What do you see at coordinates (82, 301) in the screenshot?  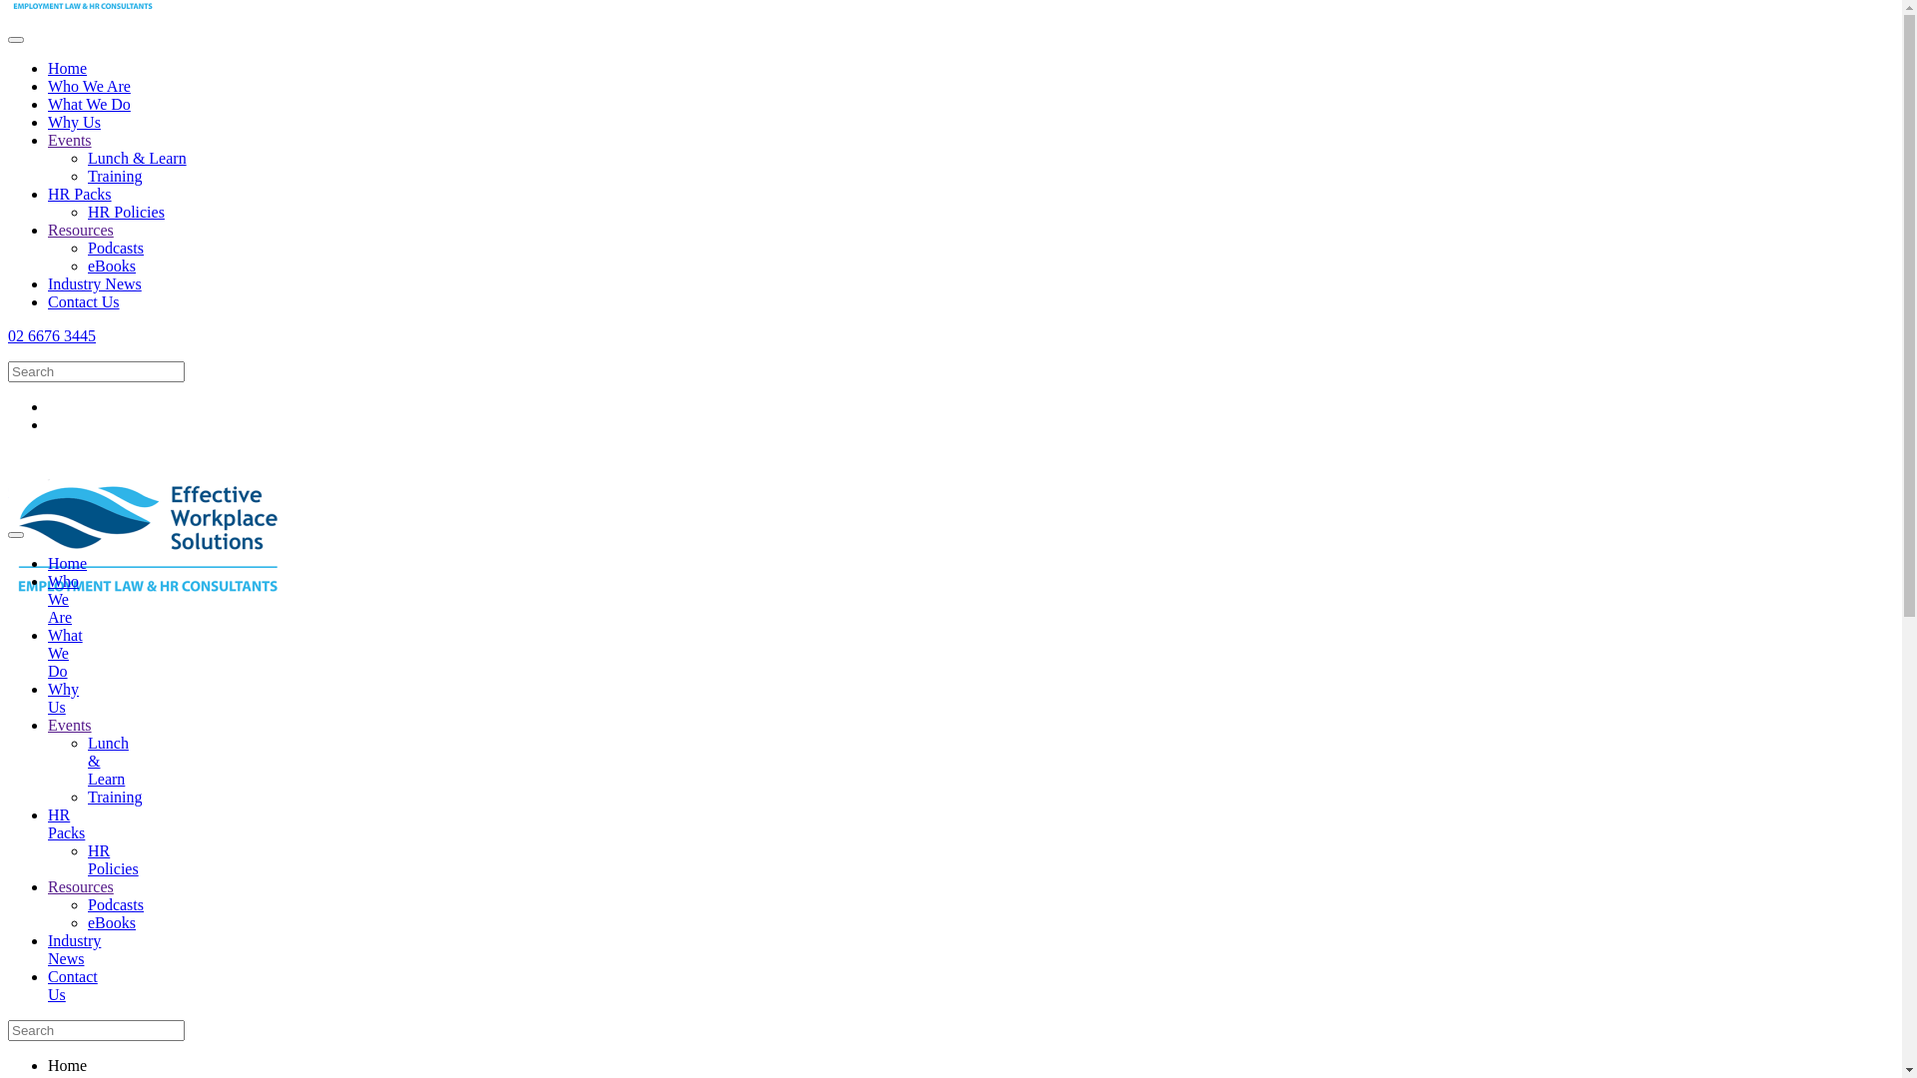 I see `'Contact Us'` at bounding box center [82, 301].